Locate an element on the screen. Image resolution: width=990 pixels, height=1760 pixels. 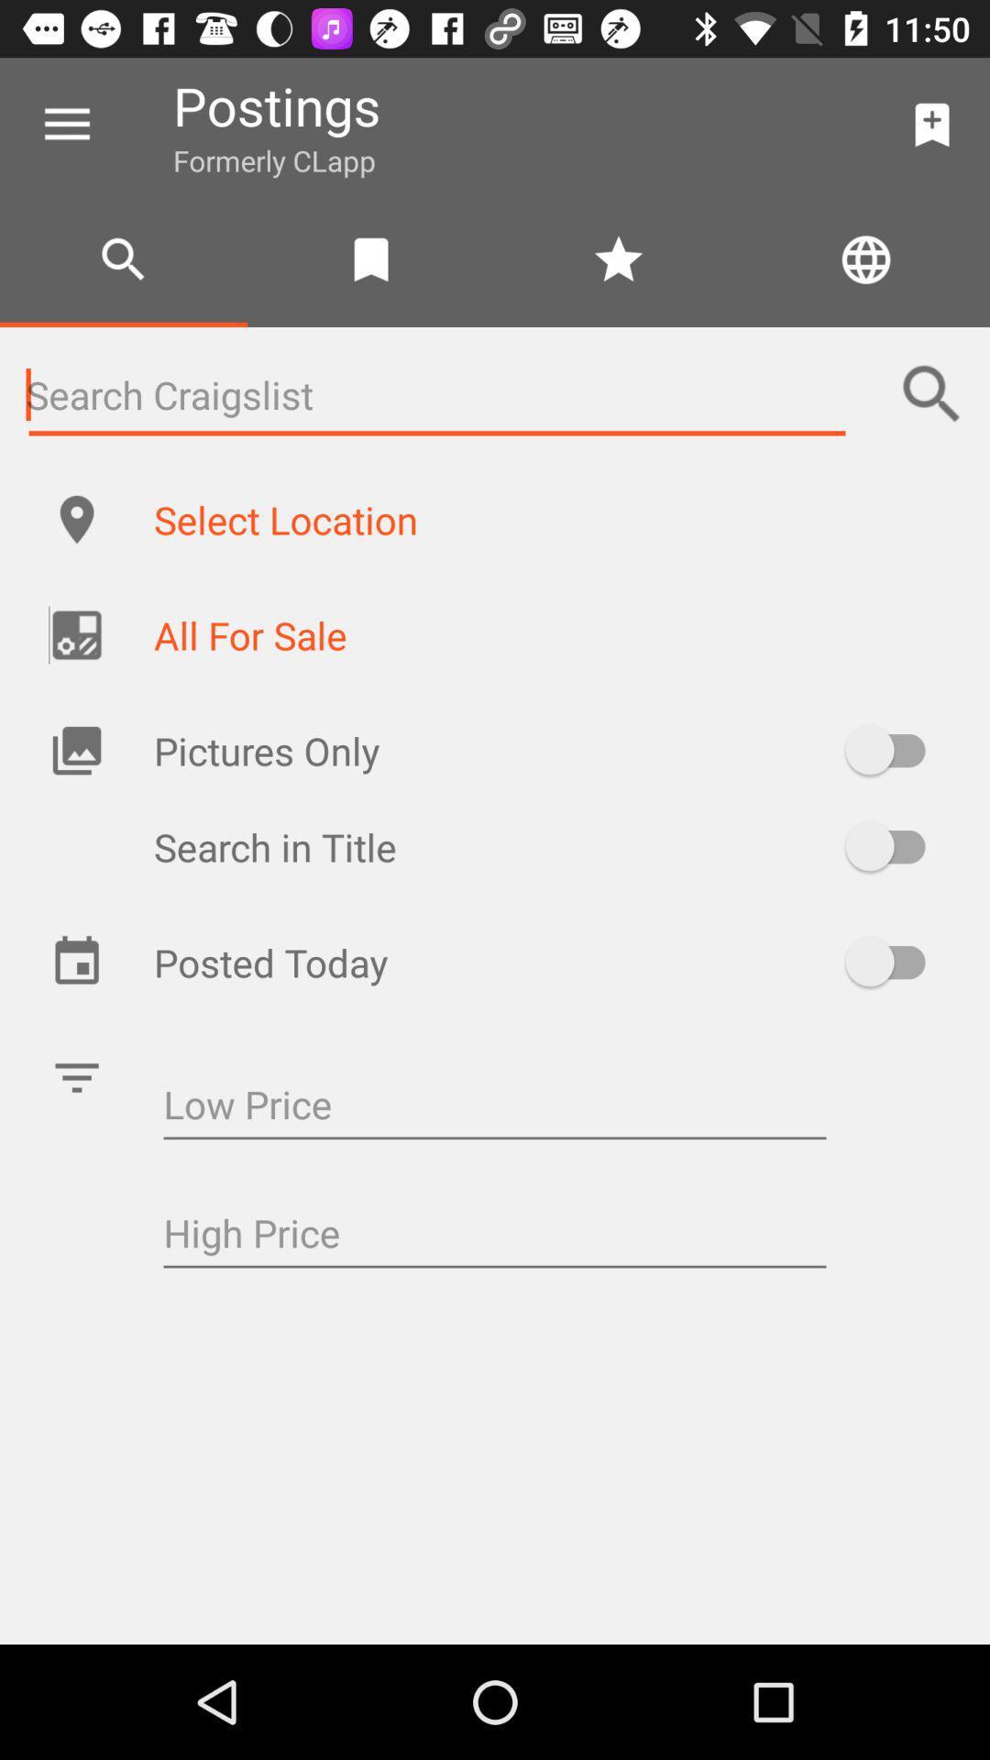
the item to the right of postings item is located at coordinates (932, 124).